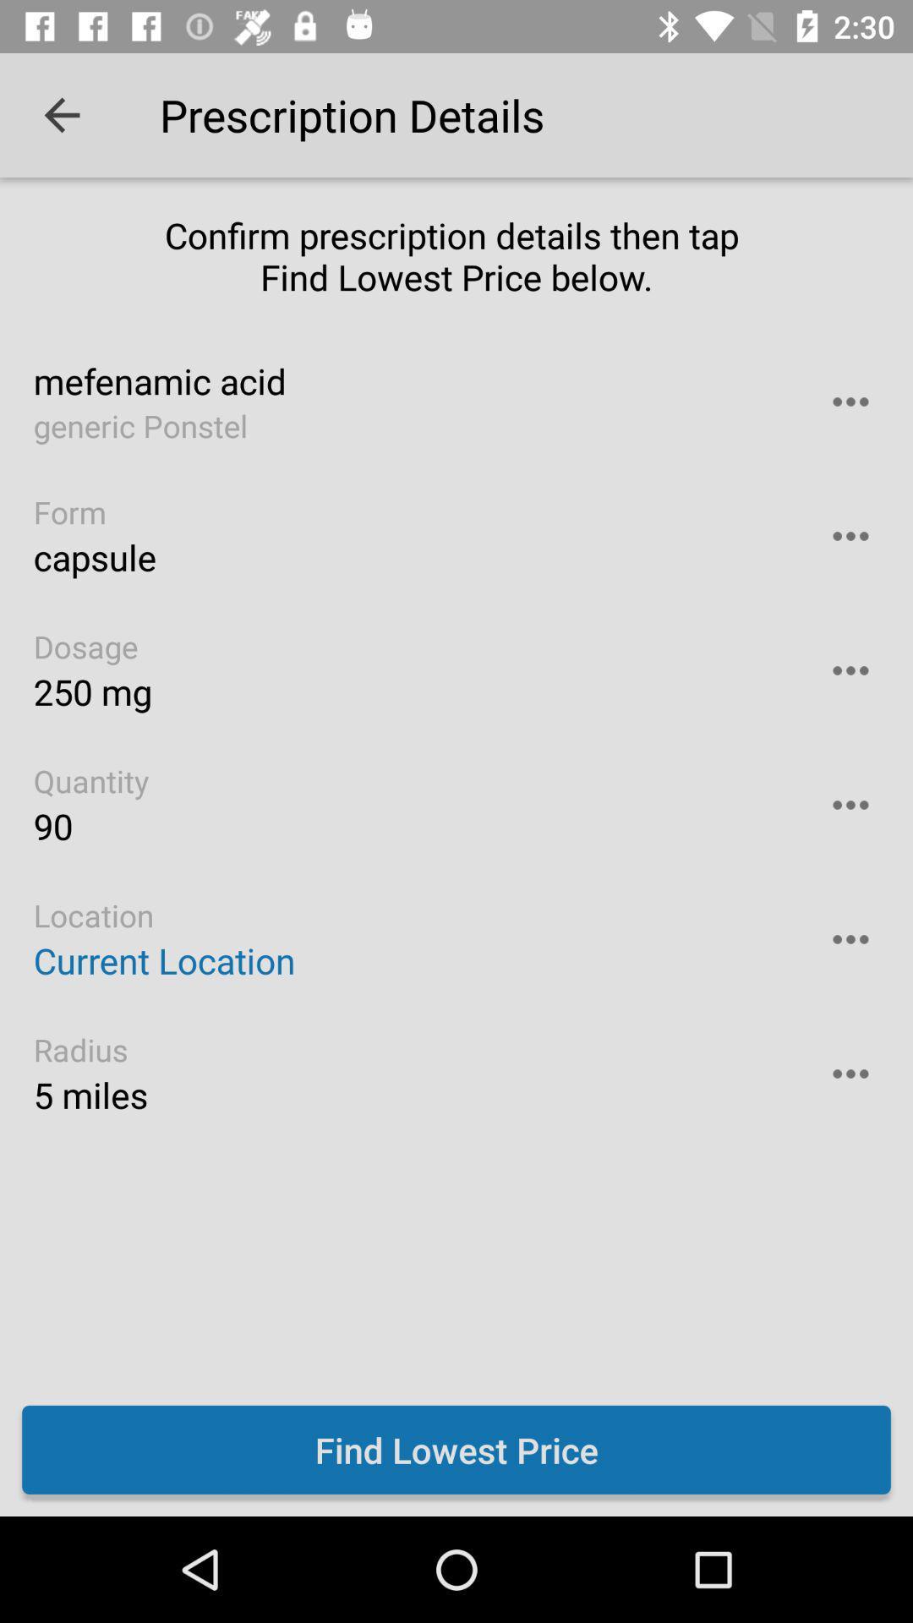 The height and width of the screenshot is (1623, 913). I want to click on 3 dots which is beside form, so click(850, 535).